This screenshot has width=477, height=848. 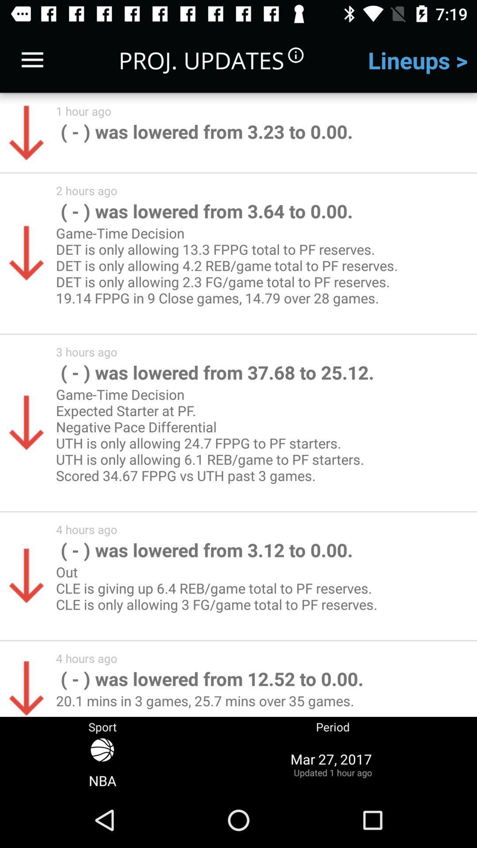 What do you see at coordinates (417, 60) in the screenshot?
I see `the lineups > icon` at bounding box center [417, 60].